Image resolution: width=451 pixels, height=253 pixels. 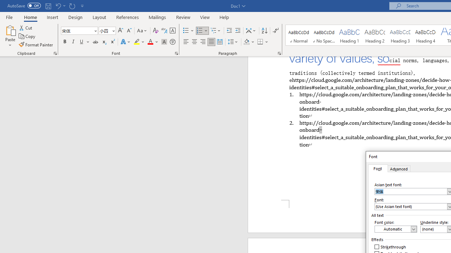 What do you see at coordinates (238, 30) in the screenshot?
I see `'Increase Indent'` at bounding box center [238, 30].